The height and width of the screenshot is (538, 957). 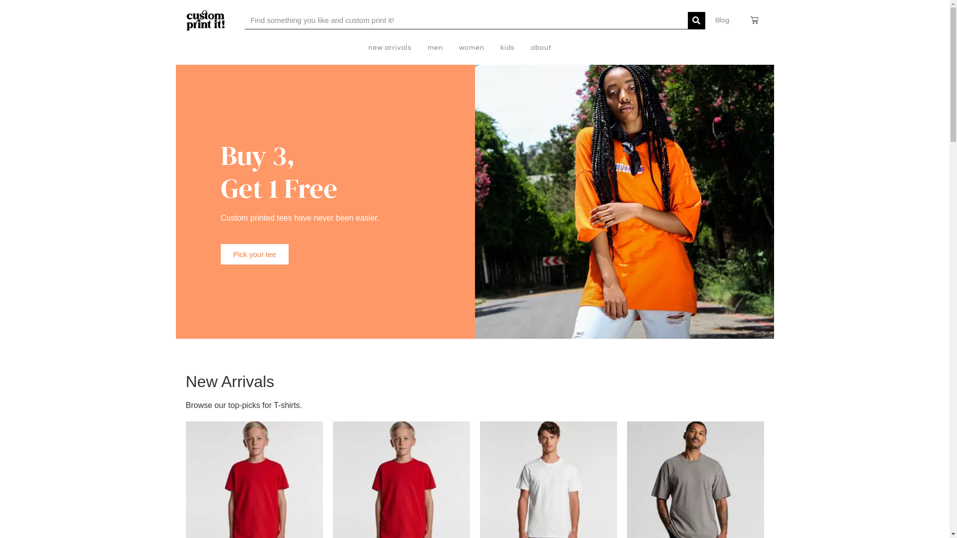 I want to click on 'about', so click(x=540, y=48).